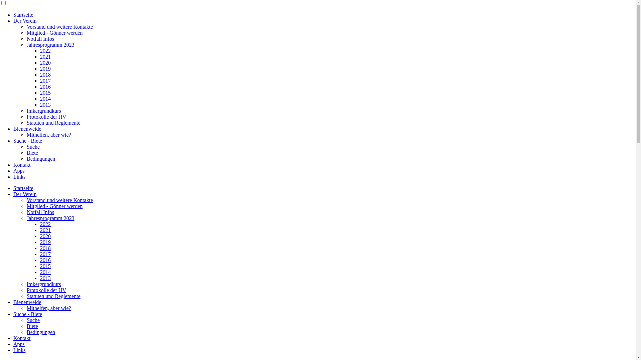 The height and width of the screenshot is (360, 641). Describe the element at coordinates (53, 296) in the screenshot. I see `'Statuten und Reglemente'` at that location.